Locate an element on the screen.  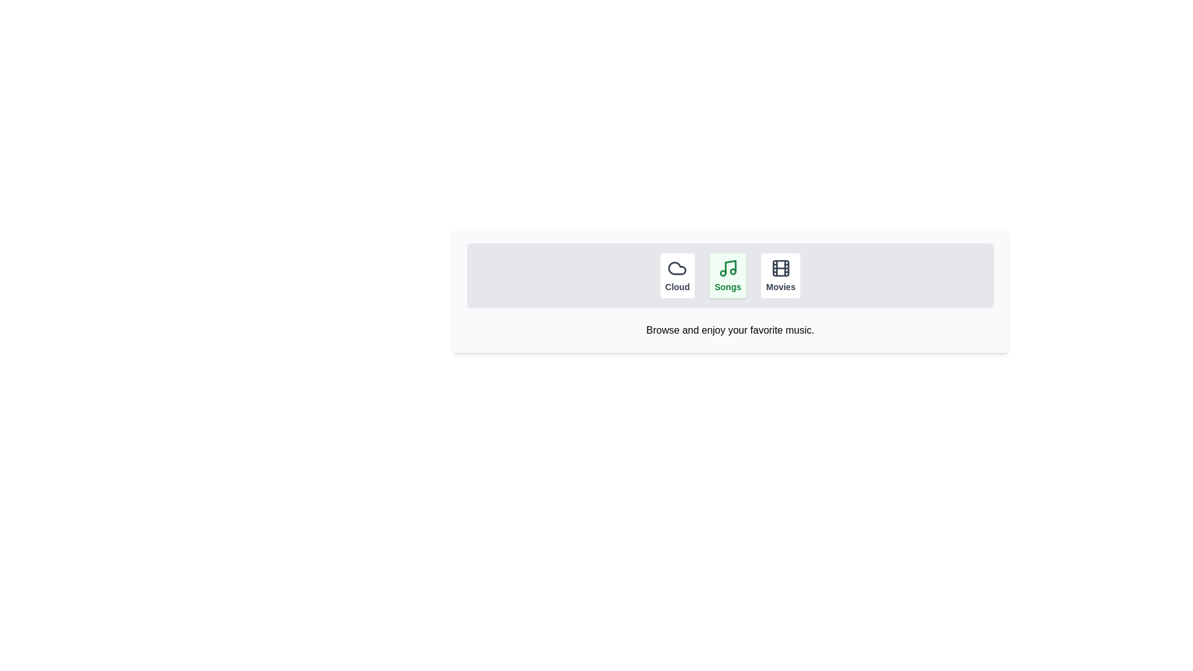
the 'Movies' button, which features a dark-styled rectangular SVG component resembling an old-style film camera reel, located to the right of the 'Cloud' and 'Songs' buttons is located at coordinates (780, 268).